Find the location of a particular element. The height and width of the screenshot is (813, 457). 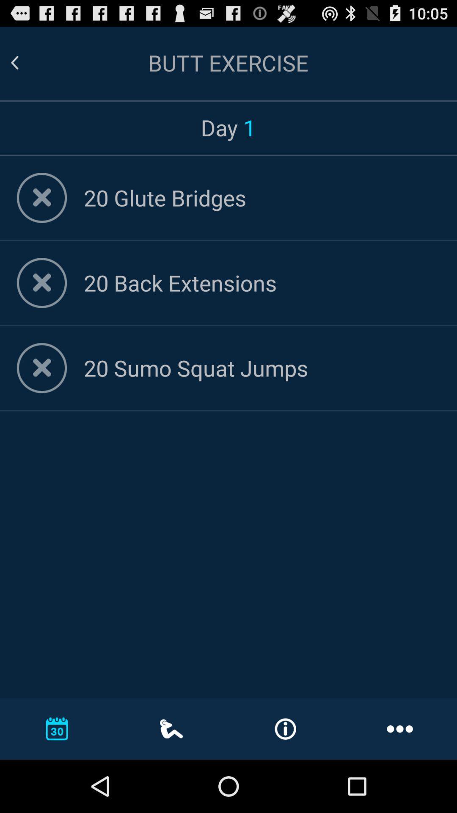

remove from list button is located at coordinates (42, 197).